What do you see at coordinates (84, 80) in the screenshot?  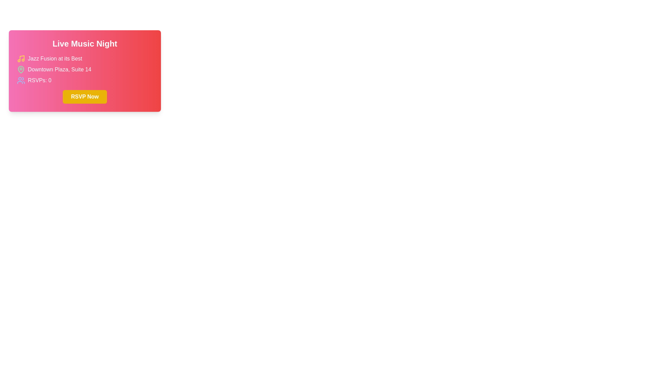 I see `the Text Label with Icon displaying 'RSVPs: 0' which has a pink to red gradient background and an icon of multiple users on the left` at bounding box center [84, 80].